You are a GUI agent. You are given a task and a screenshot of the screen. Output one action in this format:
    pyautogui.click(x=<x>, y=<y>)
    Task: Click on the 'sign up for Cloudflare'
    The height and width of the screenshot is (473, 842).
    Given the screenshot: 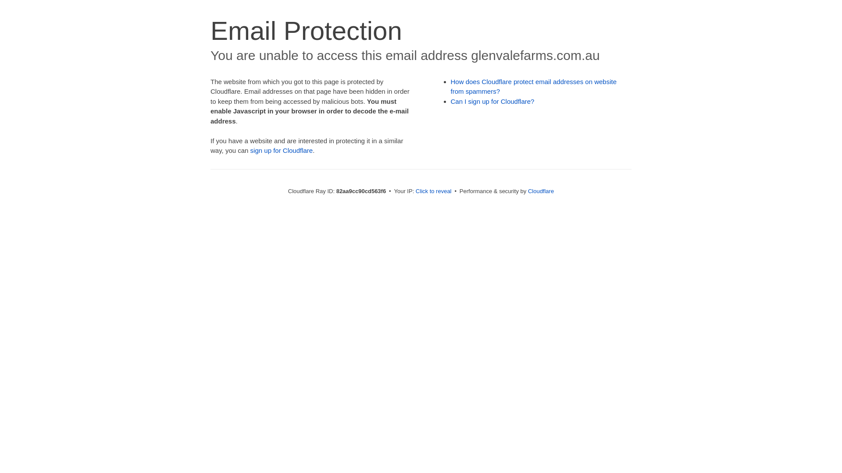 What is the action you would take?
    pyautogui.click(x=282, y=150)
    